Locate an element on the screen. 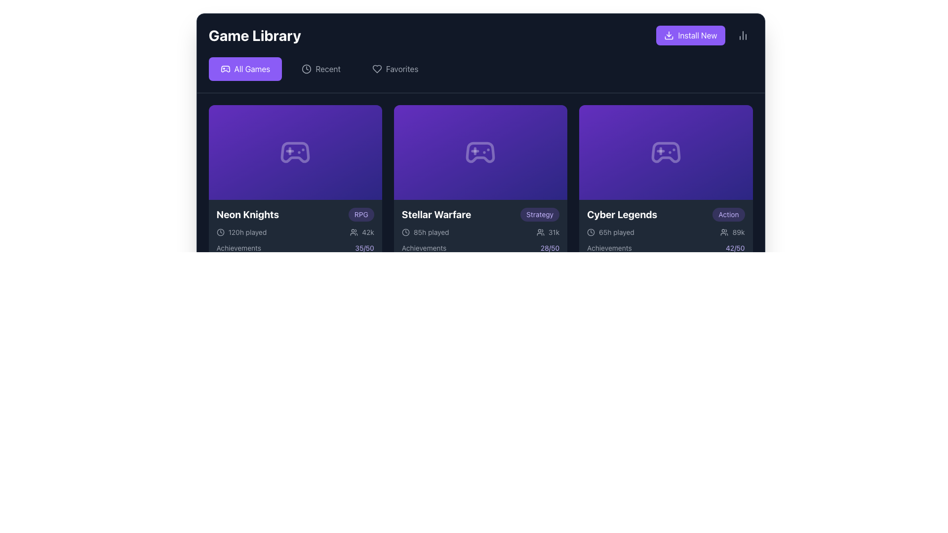 The image size is (948, 533). the static text label displaying the amount of time played for the game, located under the 'Cyber Legends' card in the third column of the game list is located at coordinates (610, 232).